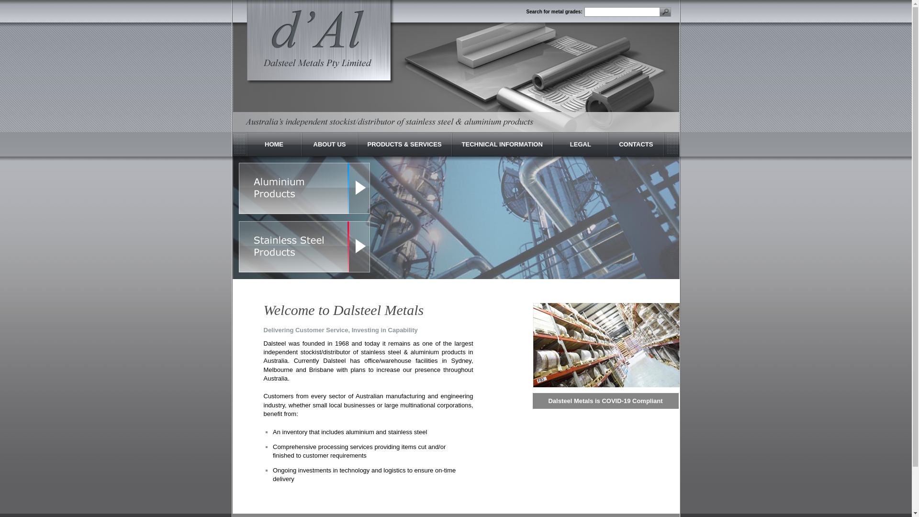 Image resolution: width=919 pixels, height=517 pixels. I want to click on 'CONTACTS', so click(636, 144).